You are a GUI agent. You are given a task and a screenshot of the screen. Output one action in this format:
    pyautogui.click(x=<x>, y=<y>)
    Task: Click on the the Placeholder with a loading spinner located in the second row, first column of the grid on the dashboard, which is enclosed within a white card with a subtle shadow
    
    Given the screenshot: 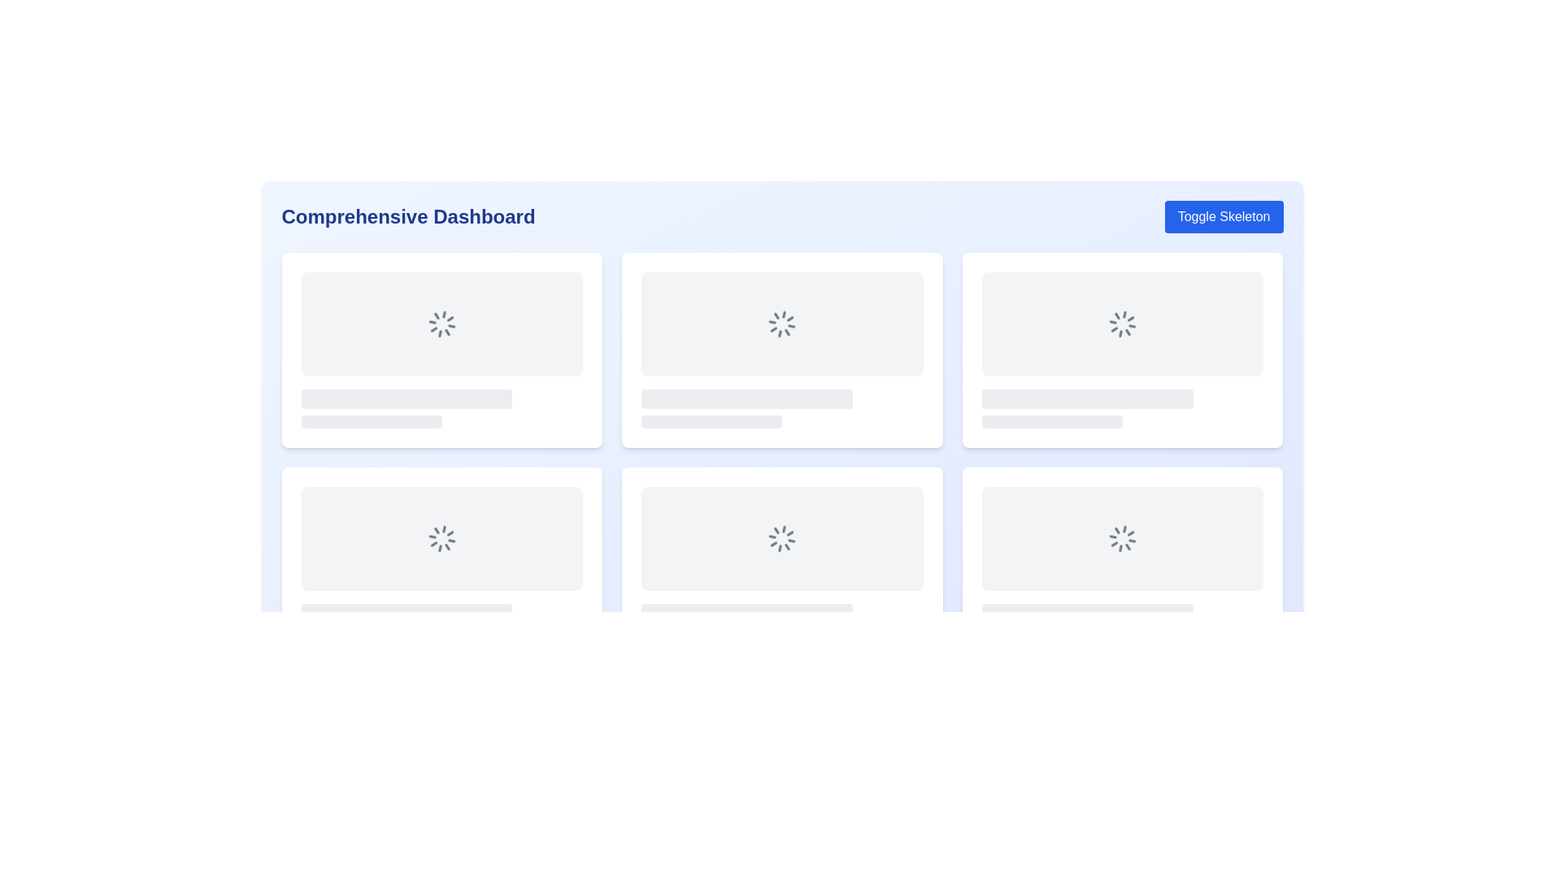 What is the action you would take?
    pyautogui.click(x=441, y=539)
    